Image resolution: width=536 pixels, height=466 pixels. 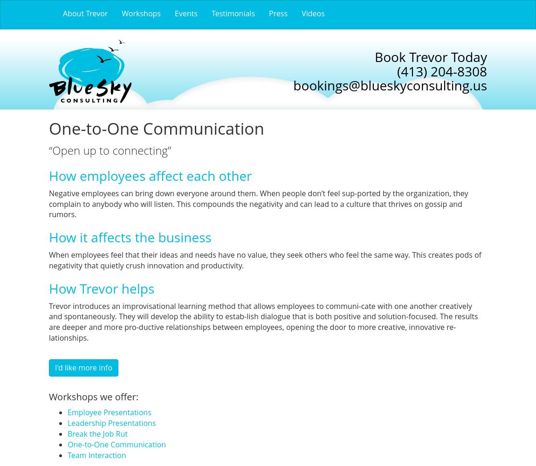 I want to click on 'I'd like more info', so click(x=83, y=367).